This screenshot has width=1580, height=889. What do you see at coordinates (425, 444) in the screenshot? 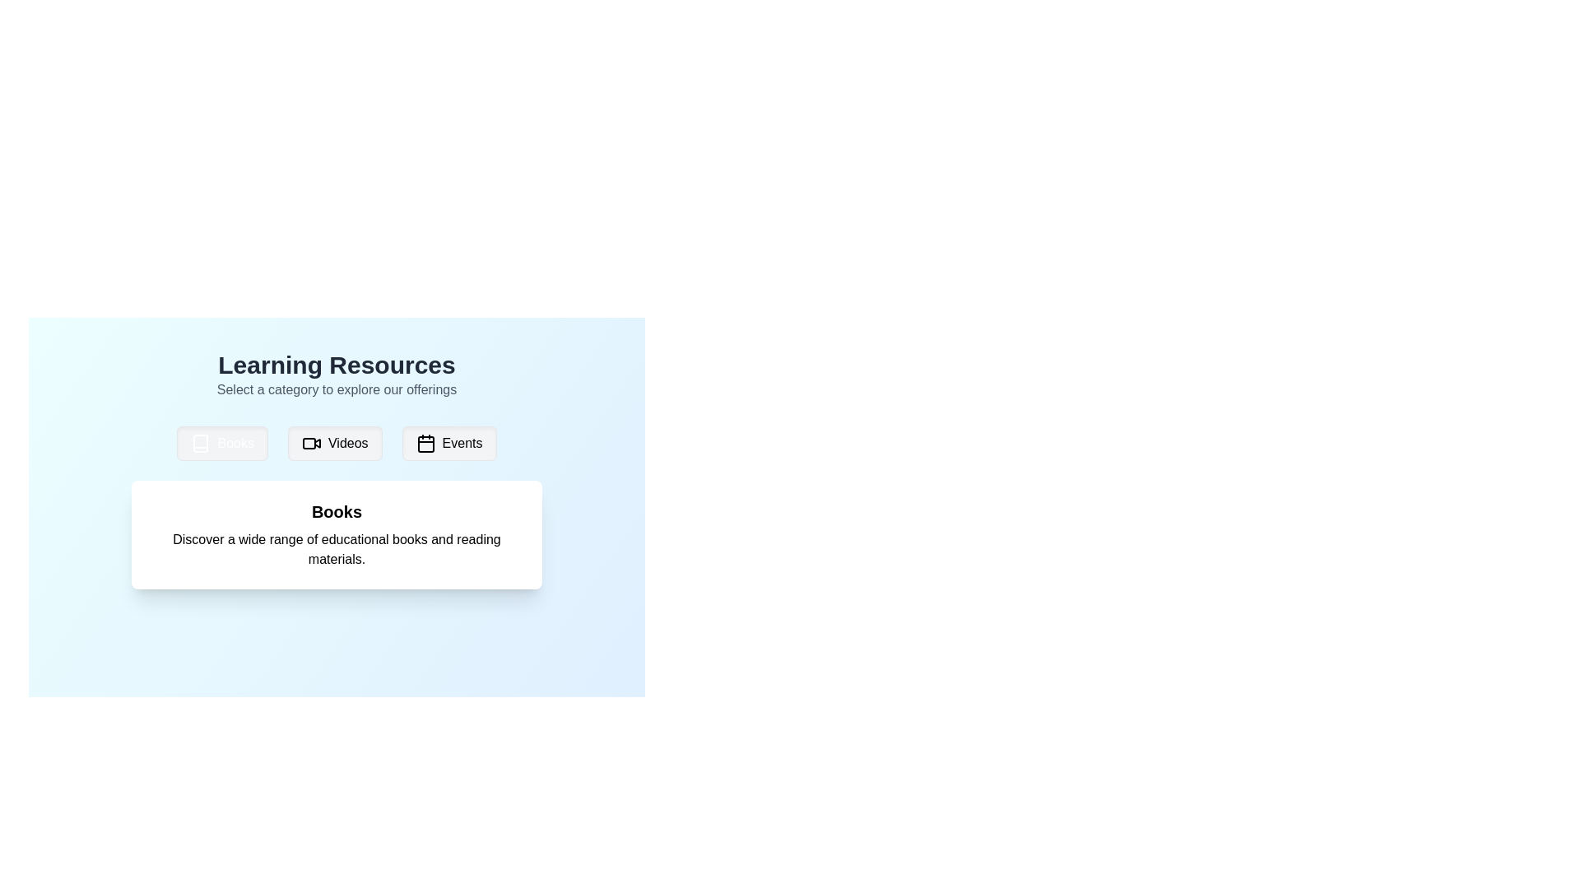
I see `the small rounded rectangle with a white background that resembles a calendar day grid, located at the center of the calendar icon` at bounding box center [425, 444].